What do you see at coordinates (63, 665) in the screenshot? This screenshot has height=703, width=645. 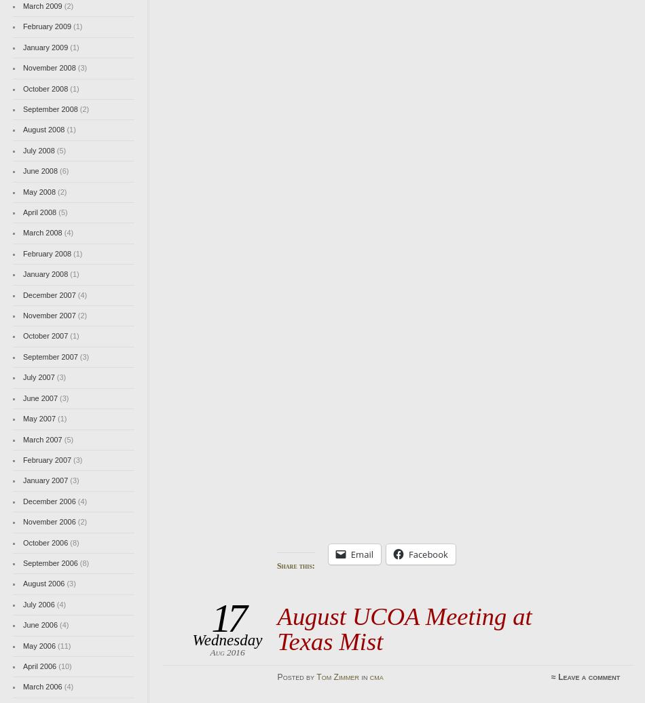 I see `'(10)'` at bounding box center [63, 665].